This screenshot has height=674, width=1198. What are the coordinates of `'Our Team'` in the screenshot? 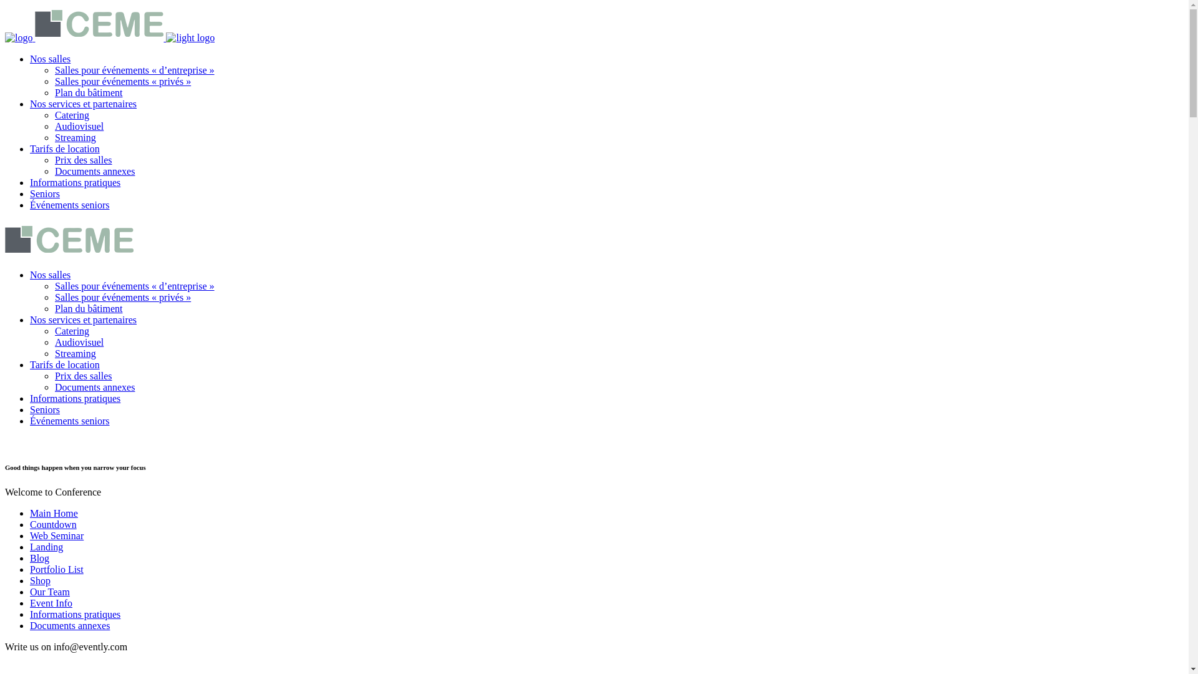 It's located at (50, 591).